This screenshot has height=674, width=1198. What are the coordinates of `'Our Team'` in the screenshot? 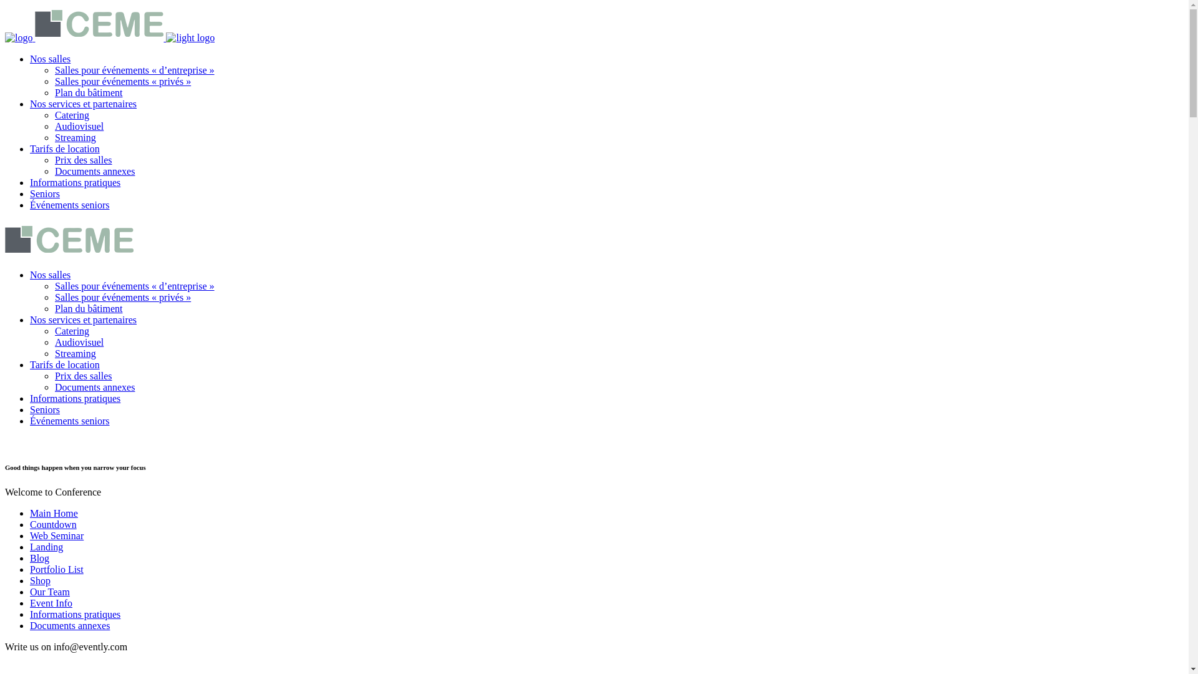 It's located at (50, 591).